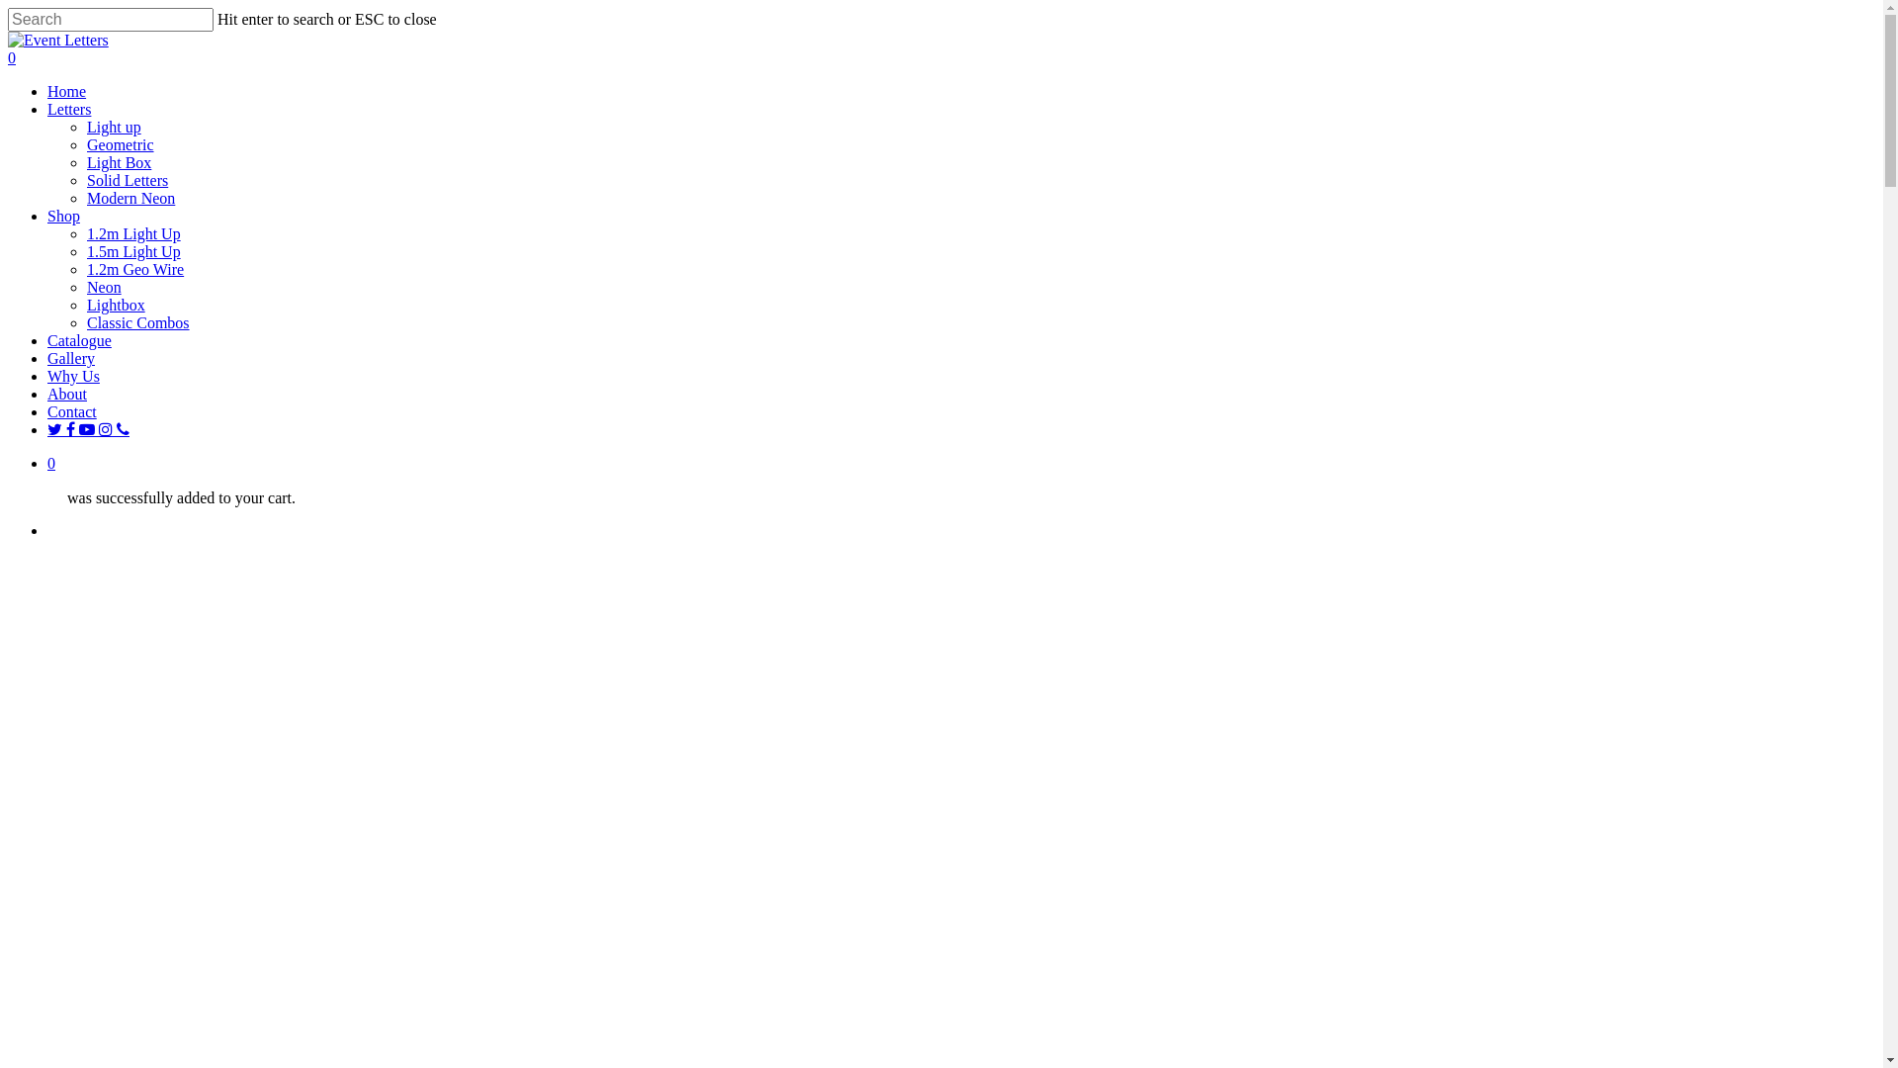 This screenshot has width=1898, height=1068. Describe the element at coordinates (8, 56) in the screenshot. I see `'0'` at that location.